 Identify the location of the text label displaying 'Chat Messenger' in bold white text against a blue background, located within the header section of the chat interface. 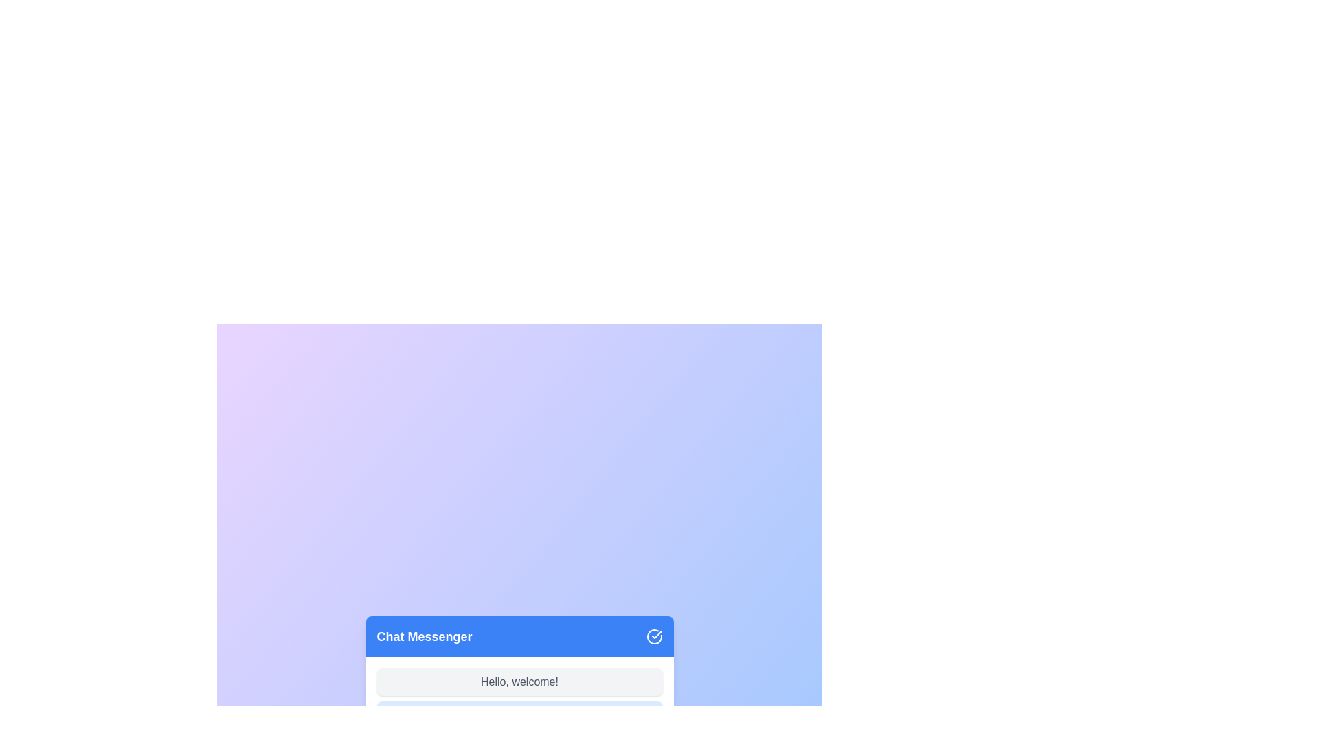
(424, 636).